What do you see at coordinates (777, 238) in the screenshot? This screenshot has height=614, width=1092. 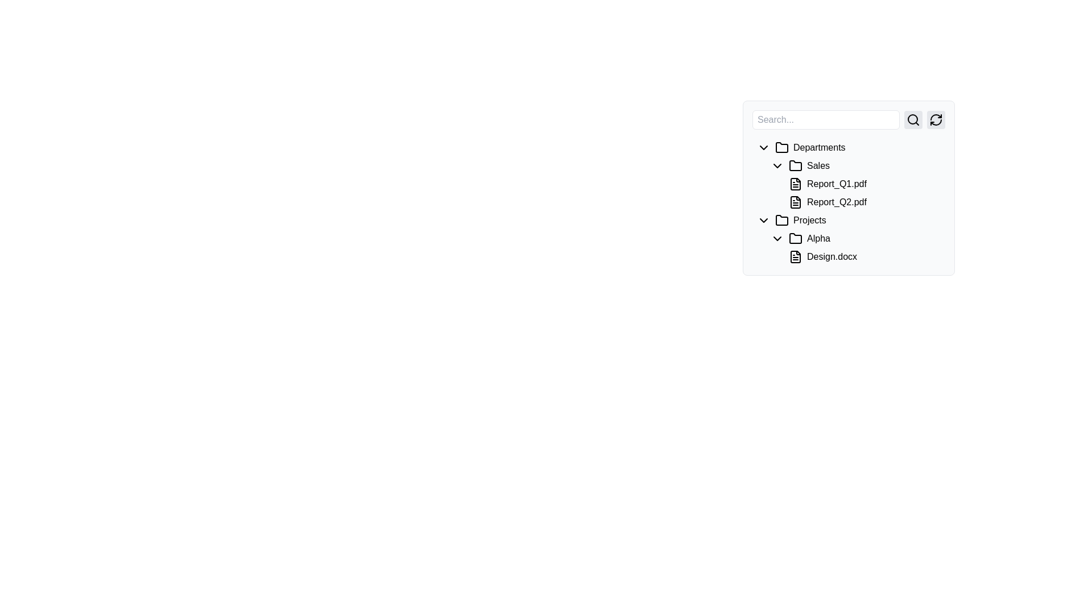 I see `the Toggle icon (Chevron down symbol) located to the left of the text 'Alpha' in the 'Projects' group` at bounding box center [777, 238].